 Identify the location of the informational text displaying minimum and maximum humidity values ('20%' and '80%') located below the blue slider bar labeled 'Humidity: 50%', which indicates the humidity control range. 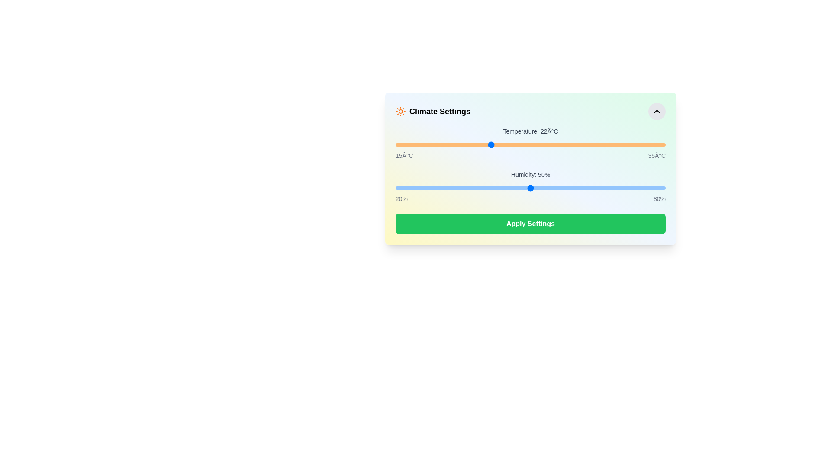
(530, 198).